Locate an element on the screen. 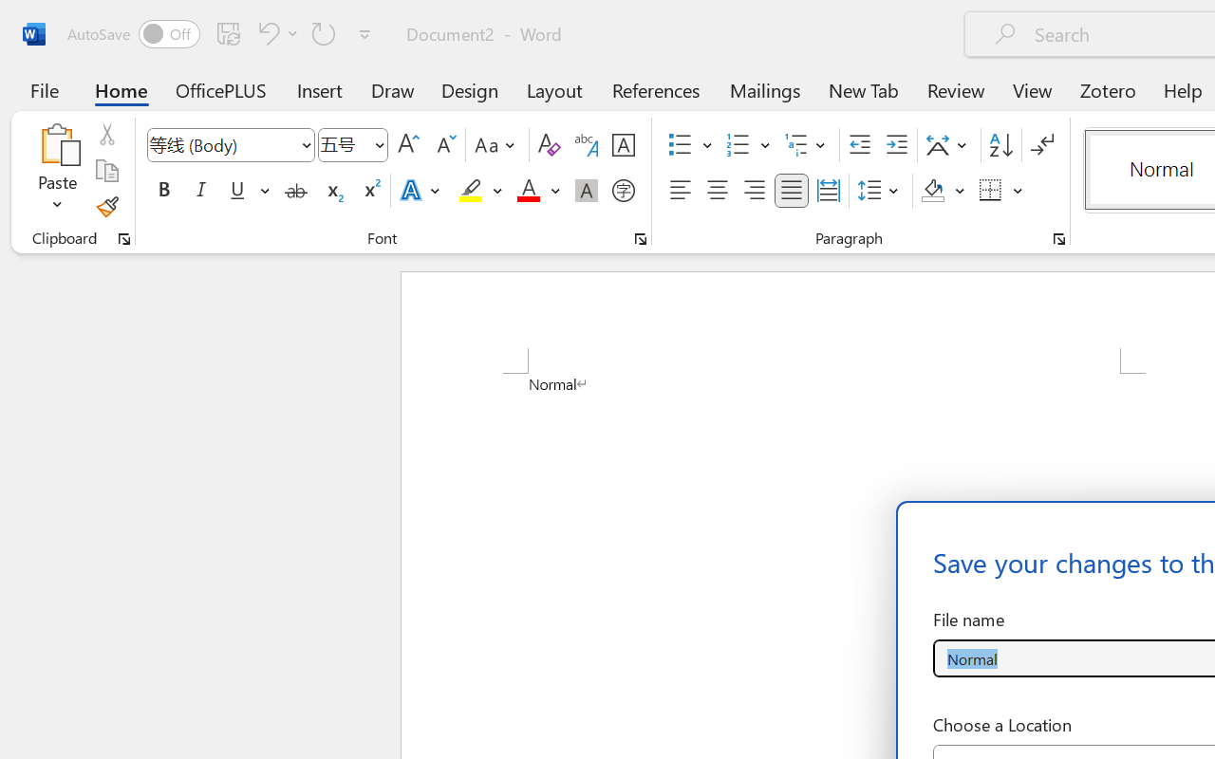  'Repeat Style' is located at coordinates (324, 32).